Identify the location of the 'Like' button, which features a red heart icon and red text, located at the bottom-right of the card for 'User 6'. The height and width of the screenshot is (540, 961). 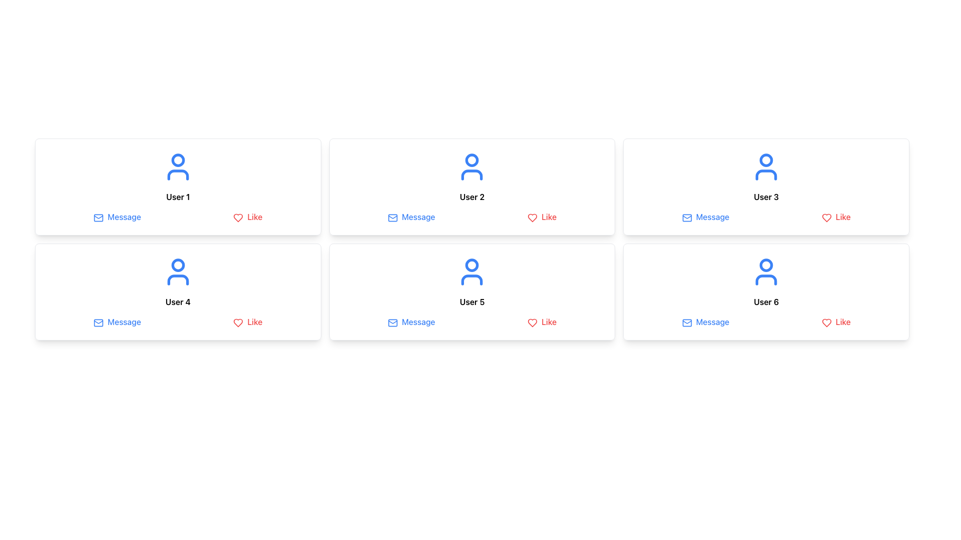
(836, 322).